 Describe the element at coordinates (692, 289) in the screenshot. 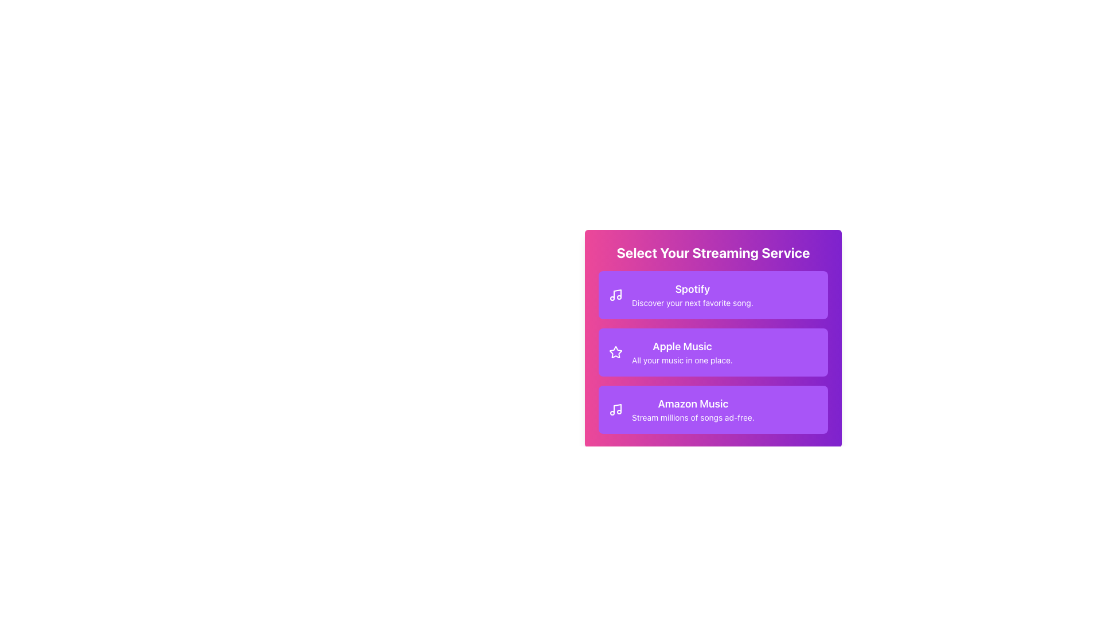

I see `the text label displaying 'Spotify' in bold, large white font against a purple background, located at the top of the music streaming options` at that location.